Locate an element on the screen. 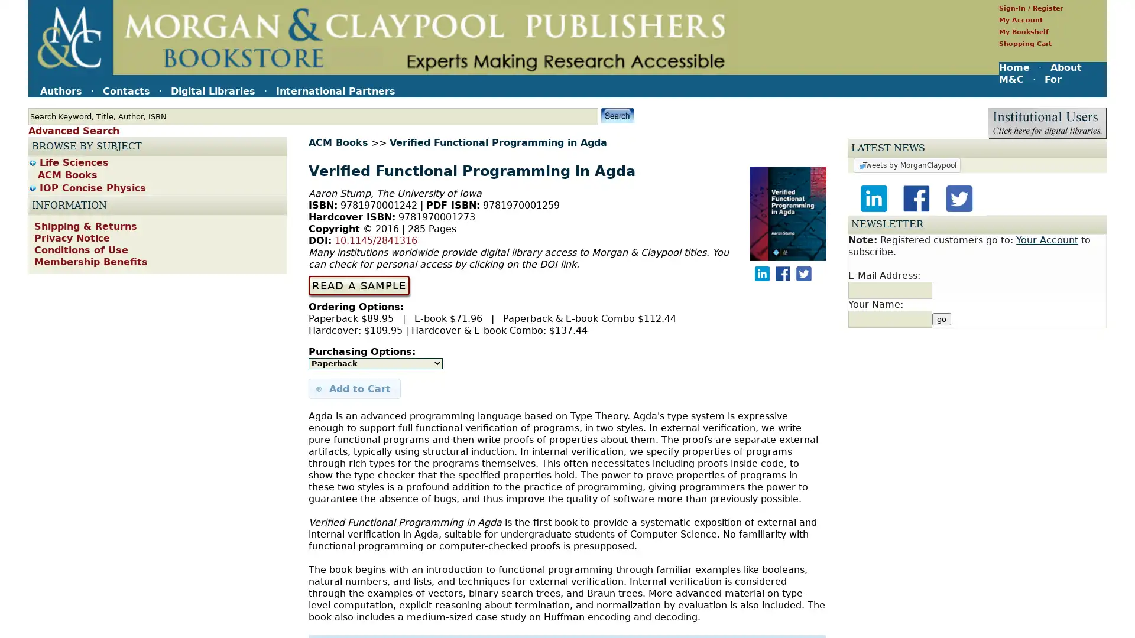  Add to Cart is located at coordinates (354, 389).